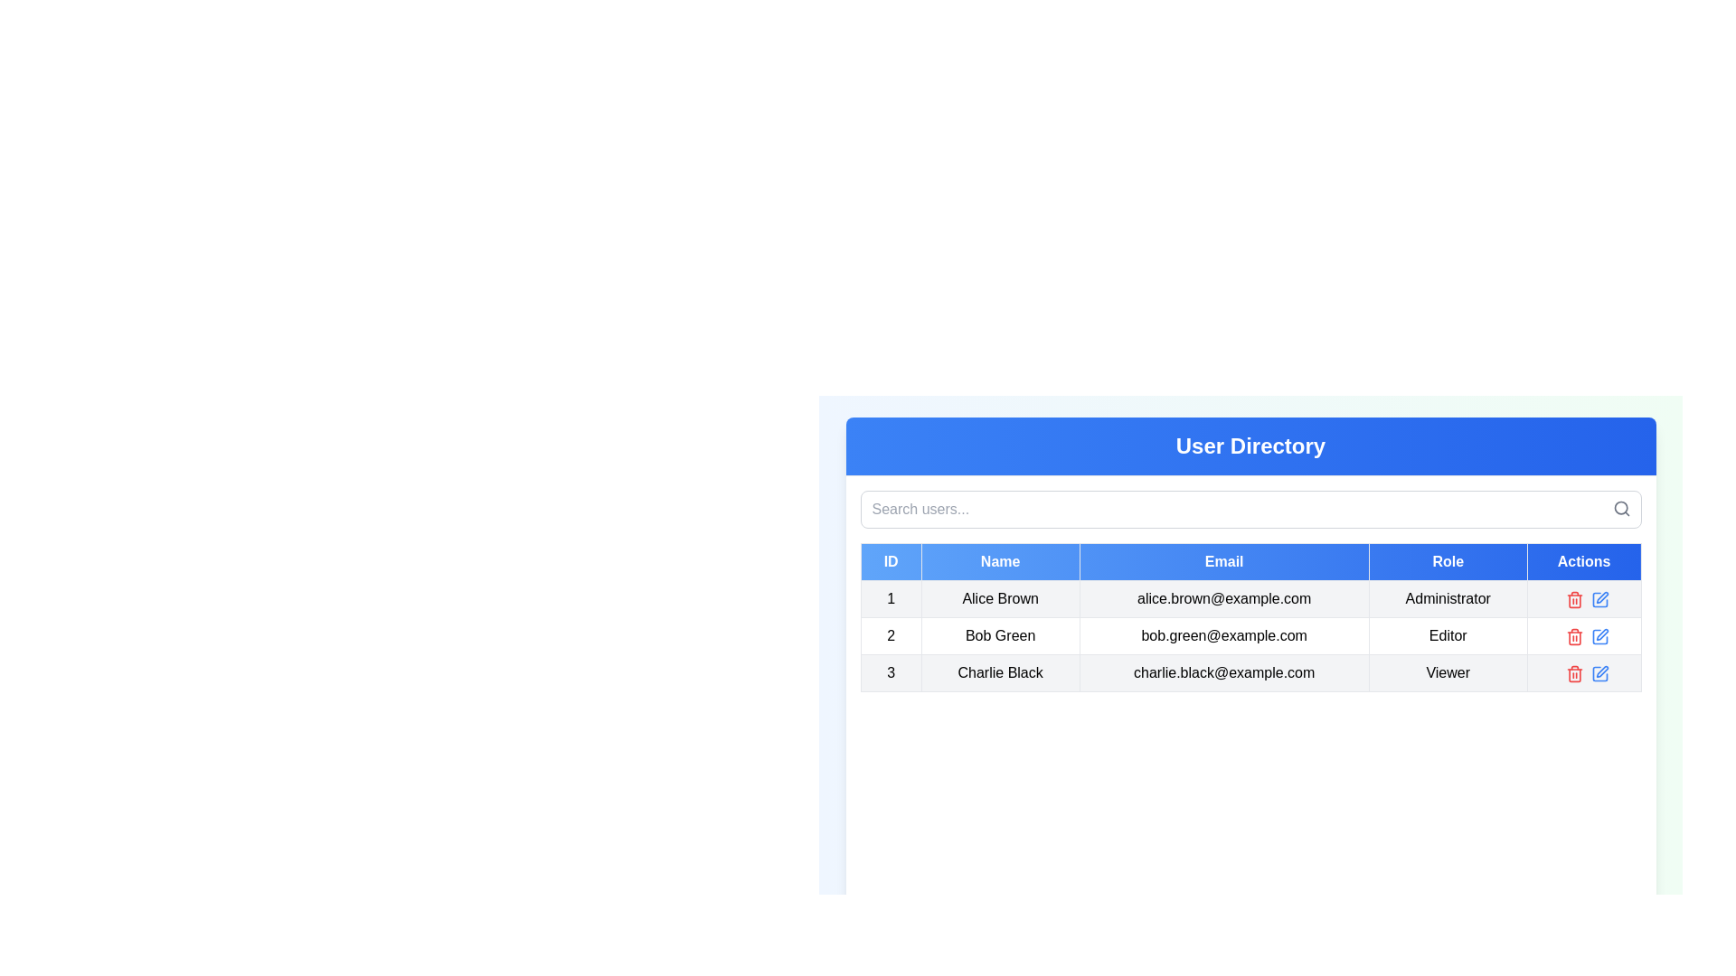 The height and width of the screenshot is (976, 1736). I want to click on the text label displaying the numerical identifier for Charlie Black in the user directory table, located in the first cell under the 'ID' column, so click(891, 672).